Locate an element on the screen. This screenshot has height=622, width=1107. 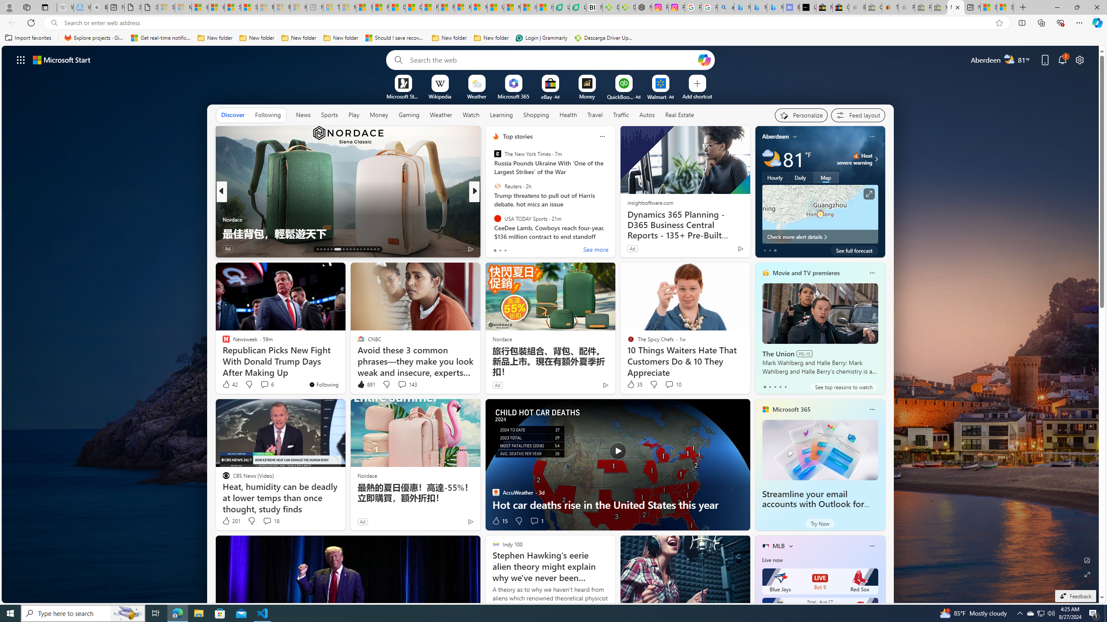
'Microsoft Bing Travel - Flights from Hong Kong to Bangkok' is located at coordinates (742, 7).